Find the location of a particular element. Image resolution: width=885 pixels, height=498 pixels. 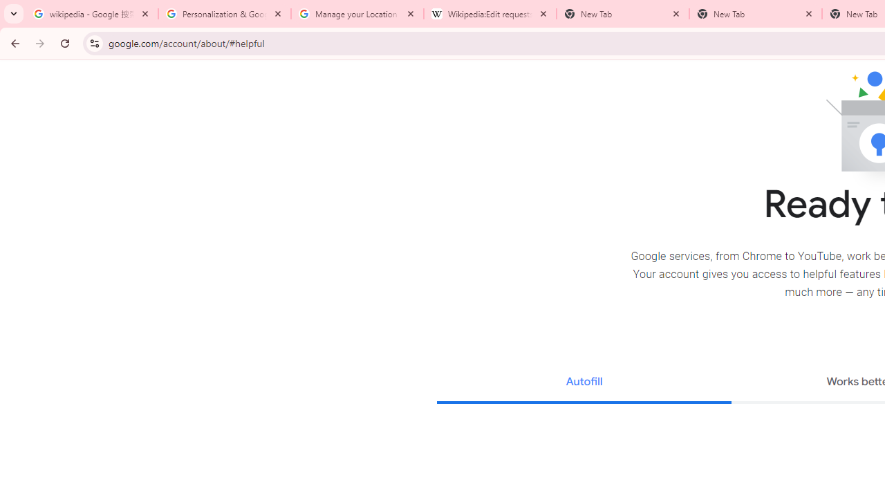

'Personalization & Google Search results - Google Search Help' is located at coordinates (225, 14).